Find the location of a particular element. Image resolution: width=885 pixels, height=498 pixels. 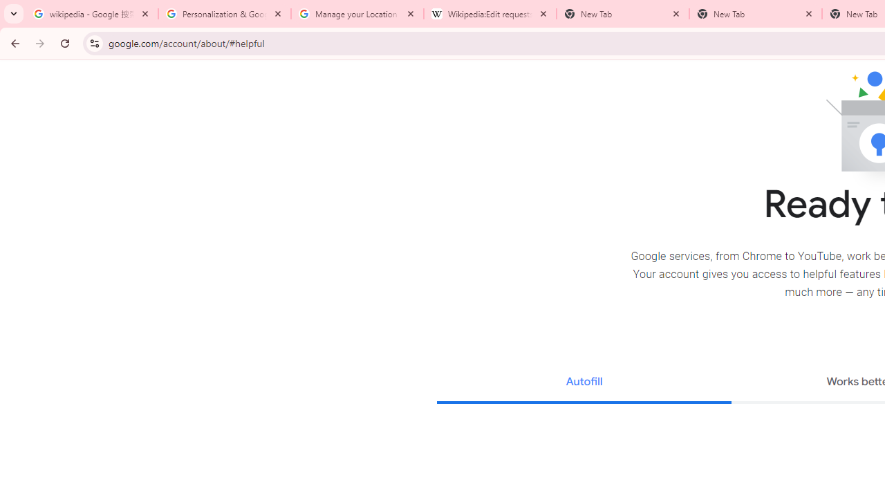

'Personalization & Google Search results - Google Search Help' is located at coordinates (225, 14).